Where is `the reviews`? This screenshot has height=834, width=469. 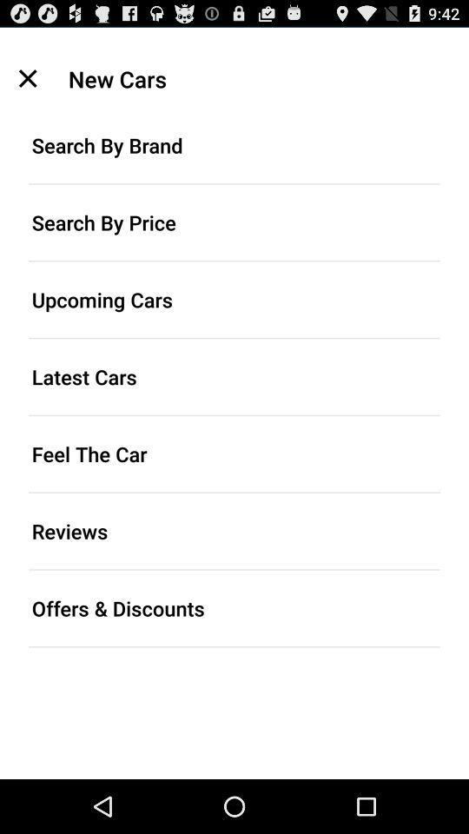 the reviews is located at coordinates (234, 530).